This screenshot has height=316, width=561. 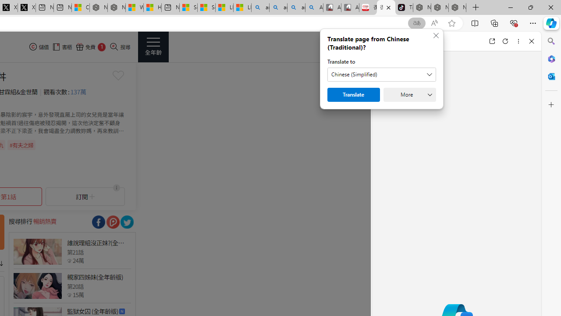 What do you see at coordinates (126, 222) in the screenshot?
I see `'Class: socialShare'` at bounding box center [126, 222].